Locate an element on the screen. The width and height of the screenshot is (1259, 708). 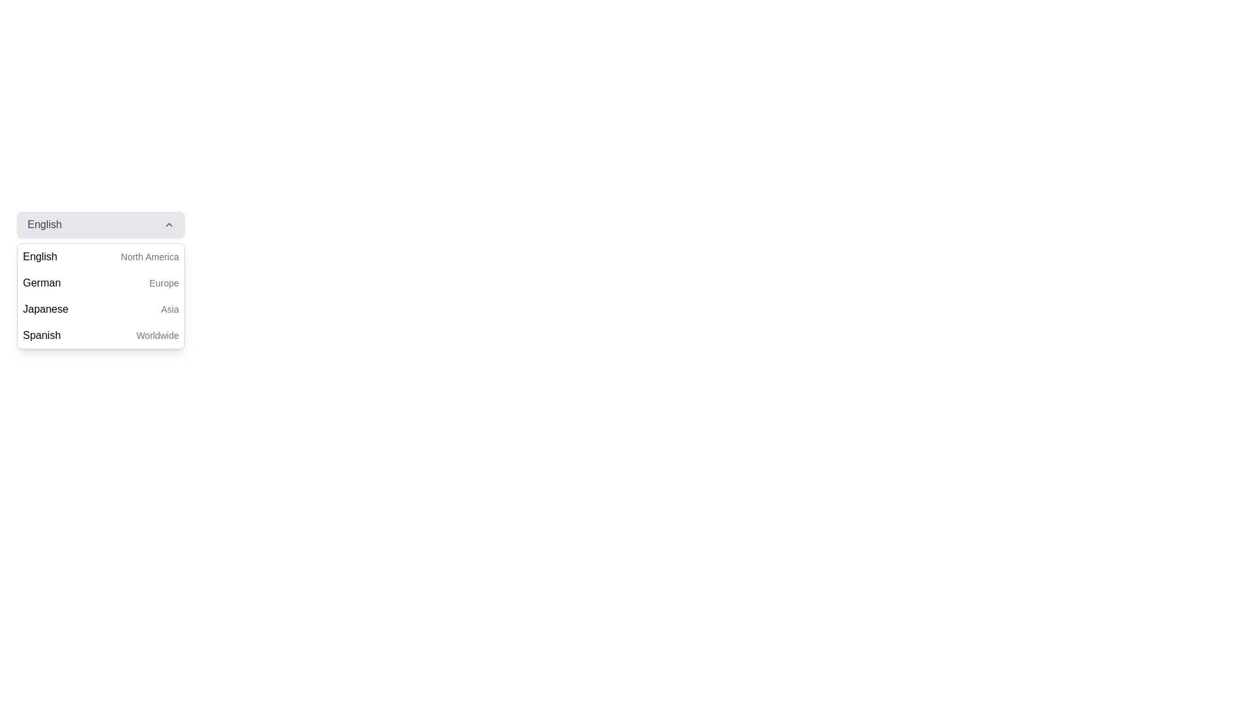
the upward-facing chevron icon located at the top-right section of the 'English' button is located at coordinates (169, 224).